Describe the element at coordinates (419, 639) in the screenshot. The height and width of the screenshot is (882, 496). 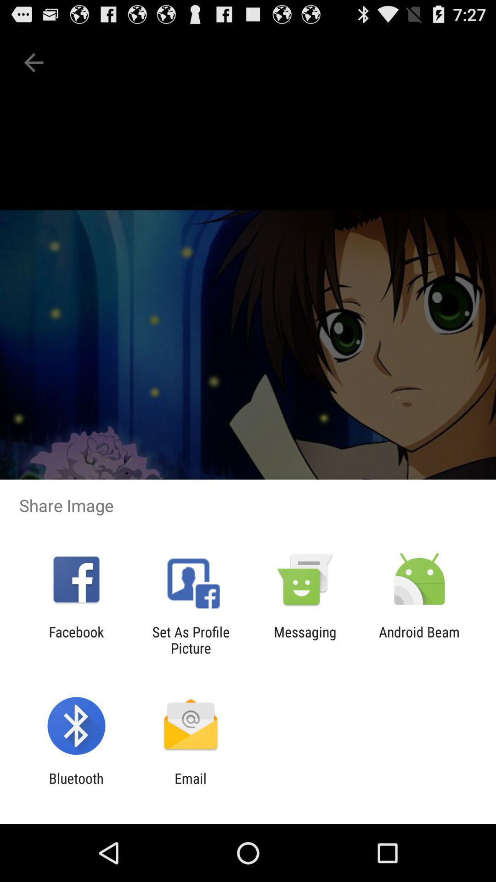
I see `item to the right of the messaging app` at that location.